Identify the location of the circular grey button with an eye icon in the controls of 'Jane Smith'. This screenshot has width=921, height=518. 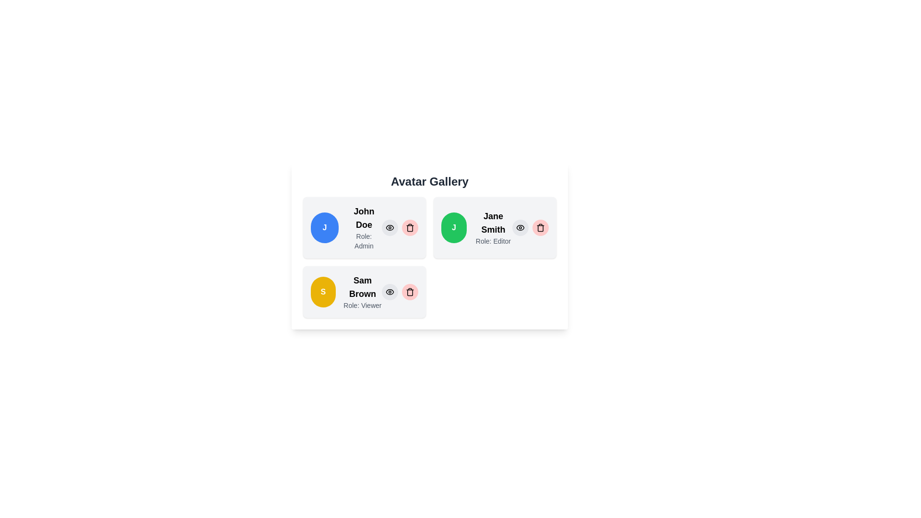
(520, 227).